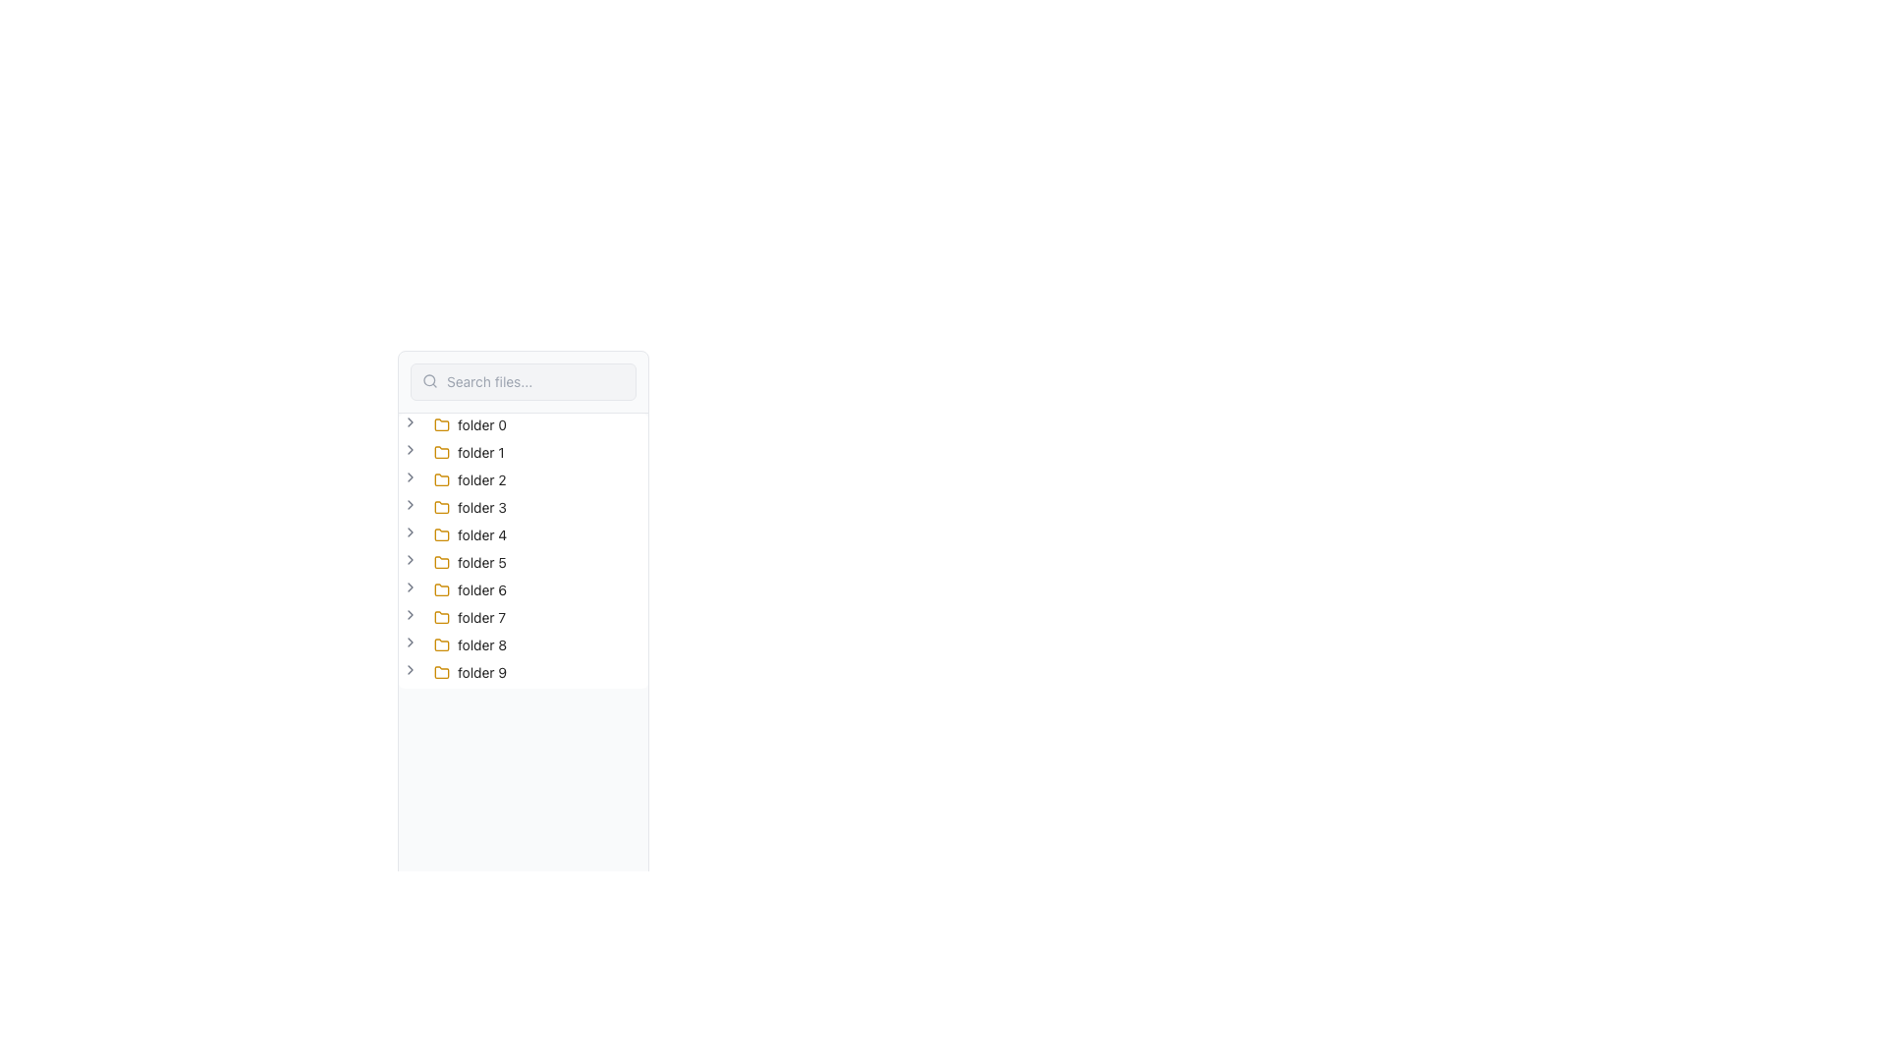 The width and height of the screenshot is (1886, 1061). I want to click on the right-facing chevron icon associated with 'folder 4', so click(409, 532).